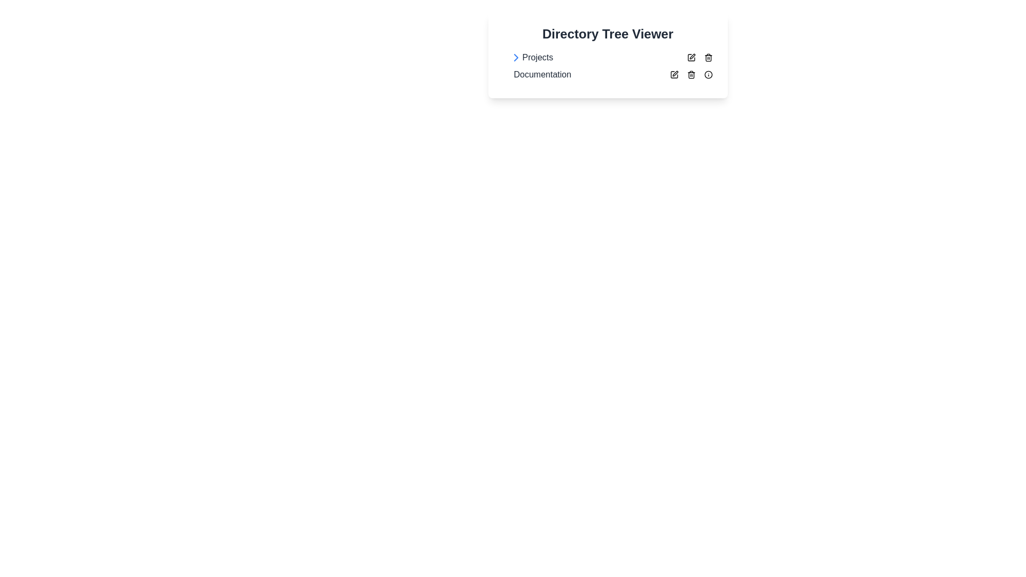  What do you see at coordinates (691, 58) in the screenshot?
I see `the square part of the pen icon located in the top-right corner of the 'Directory Tree Viewer' card` at bounding box center [691, 58].